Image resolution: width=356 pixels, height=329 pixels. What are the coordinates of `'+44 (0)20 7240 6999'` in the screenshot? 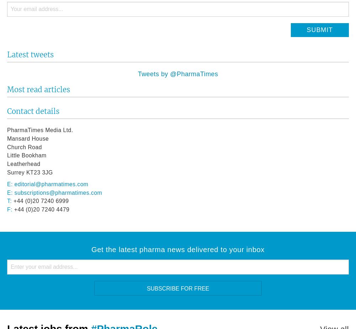 It's located at (40, 201).